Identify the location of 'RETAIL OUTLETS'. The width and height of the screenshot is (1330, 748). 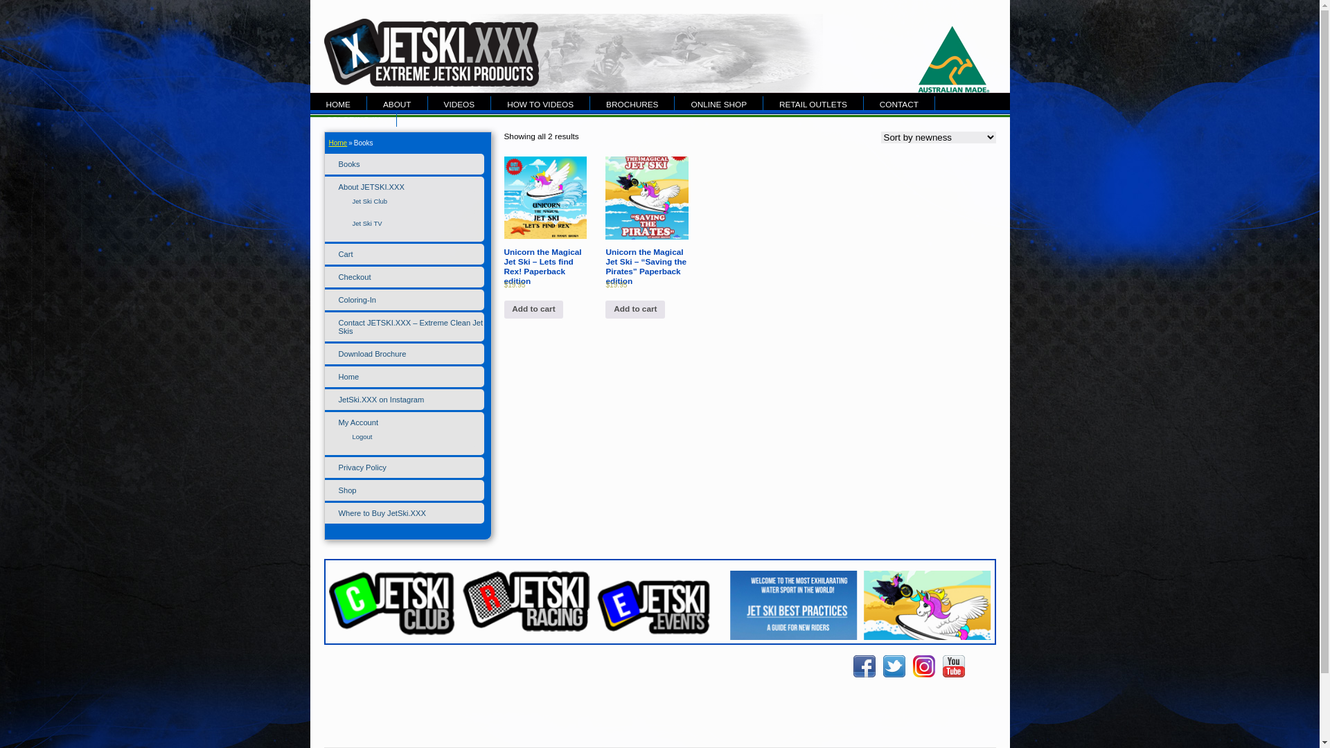
(813, 103).